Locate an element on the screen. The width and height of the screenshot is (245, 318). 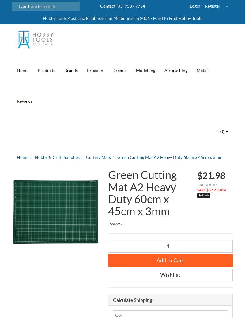
'Contact (03) 9587 7734' is located at coordinates (100, 5).